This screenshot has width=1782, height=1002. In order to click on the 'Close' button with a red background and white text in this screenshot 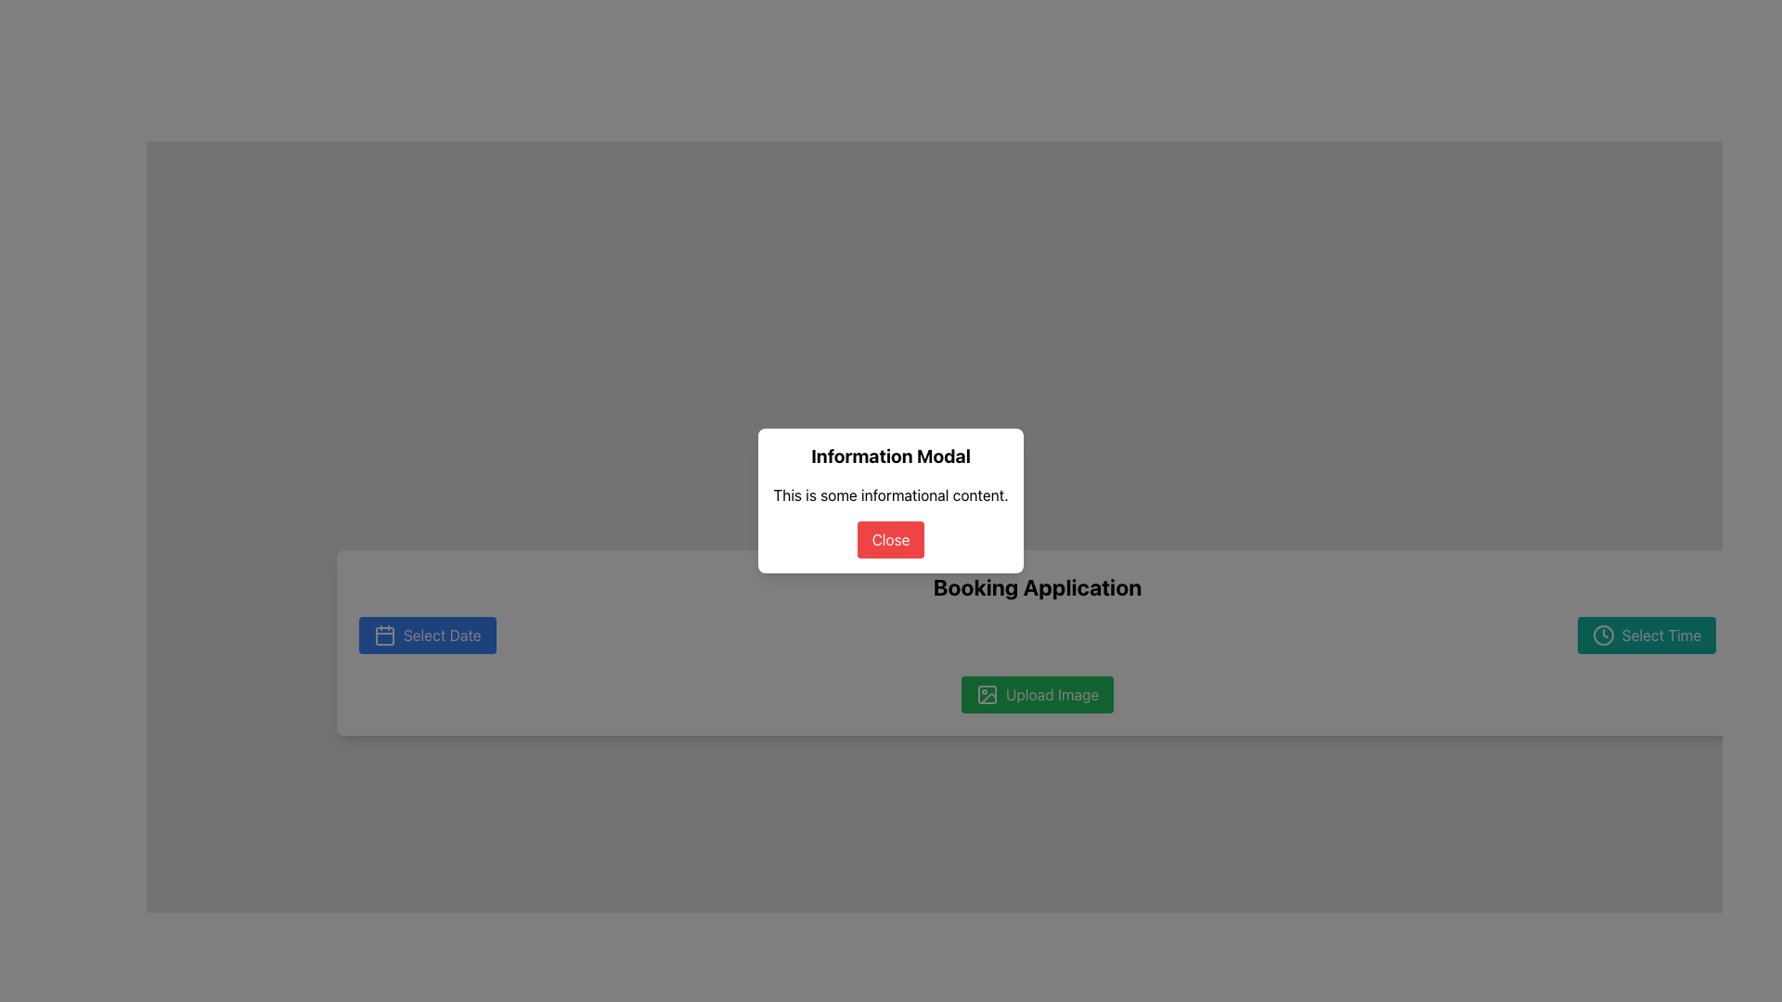, I will do `click(891, 540)`.